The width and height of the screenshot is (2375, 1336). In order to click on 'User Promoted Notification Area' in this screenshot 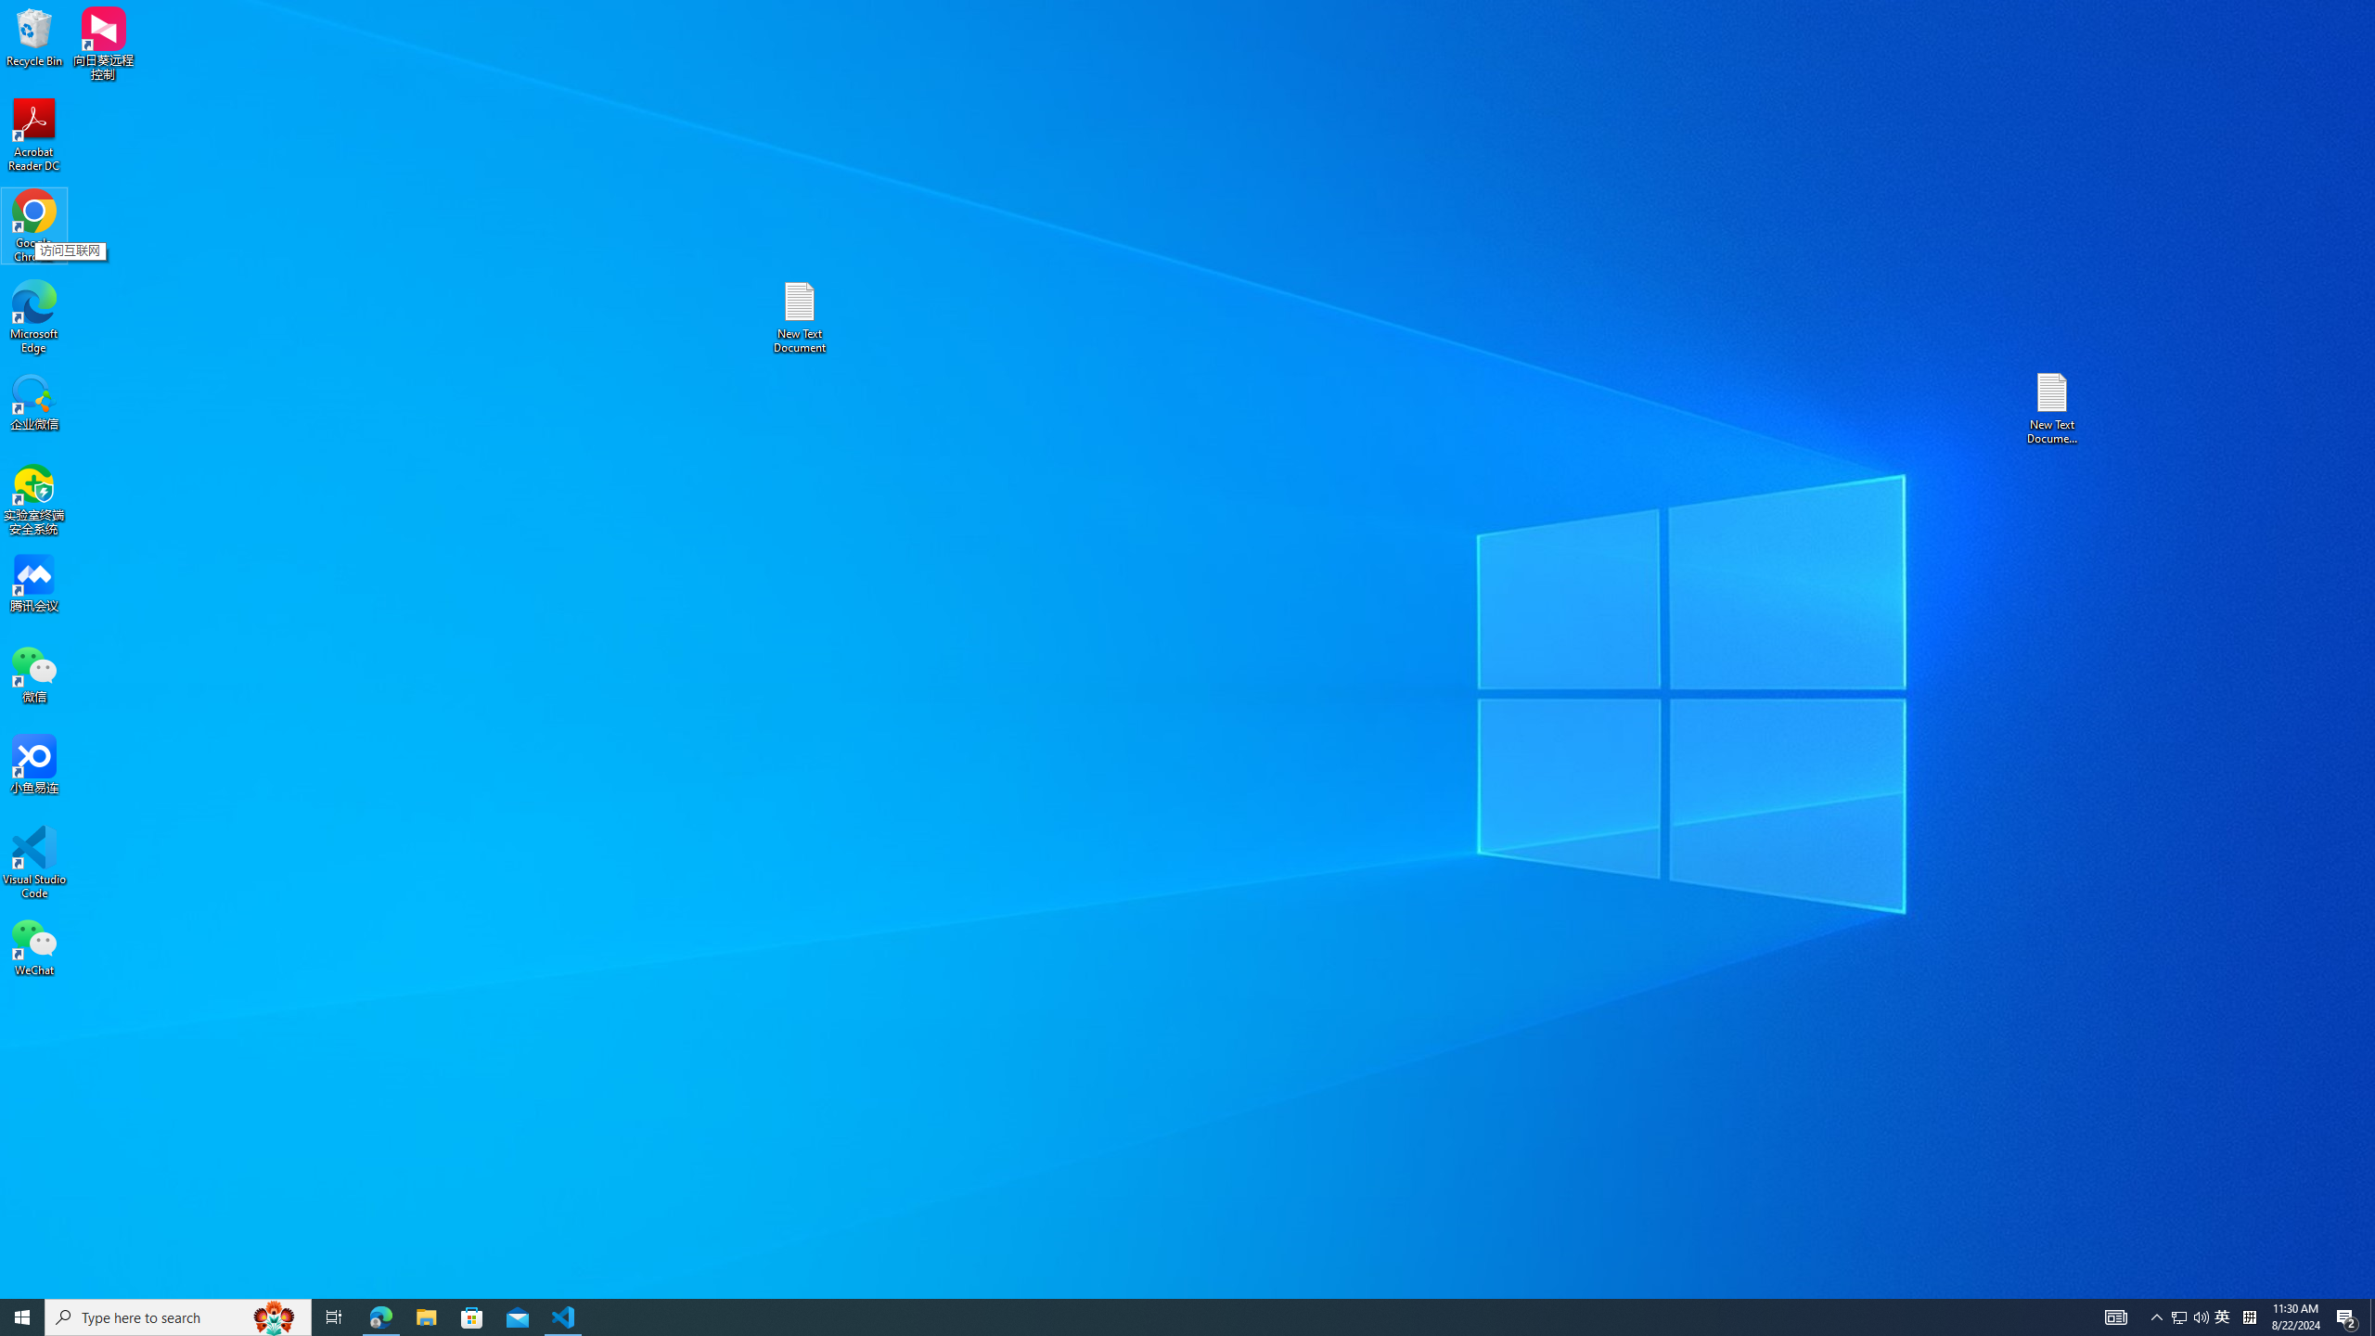, I will do `click(2189, 1316)`.